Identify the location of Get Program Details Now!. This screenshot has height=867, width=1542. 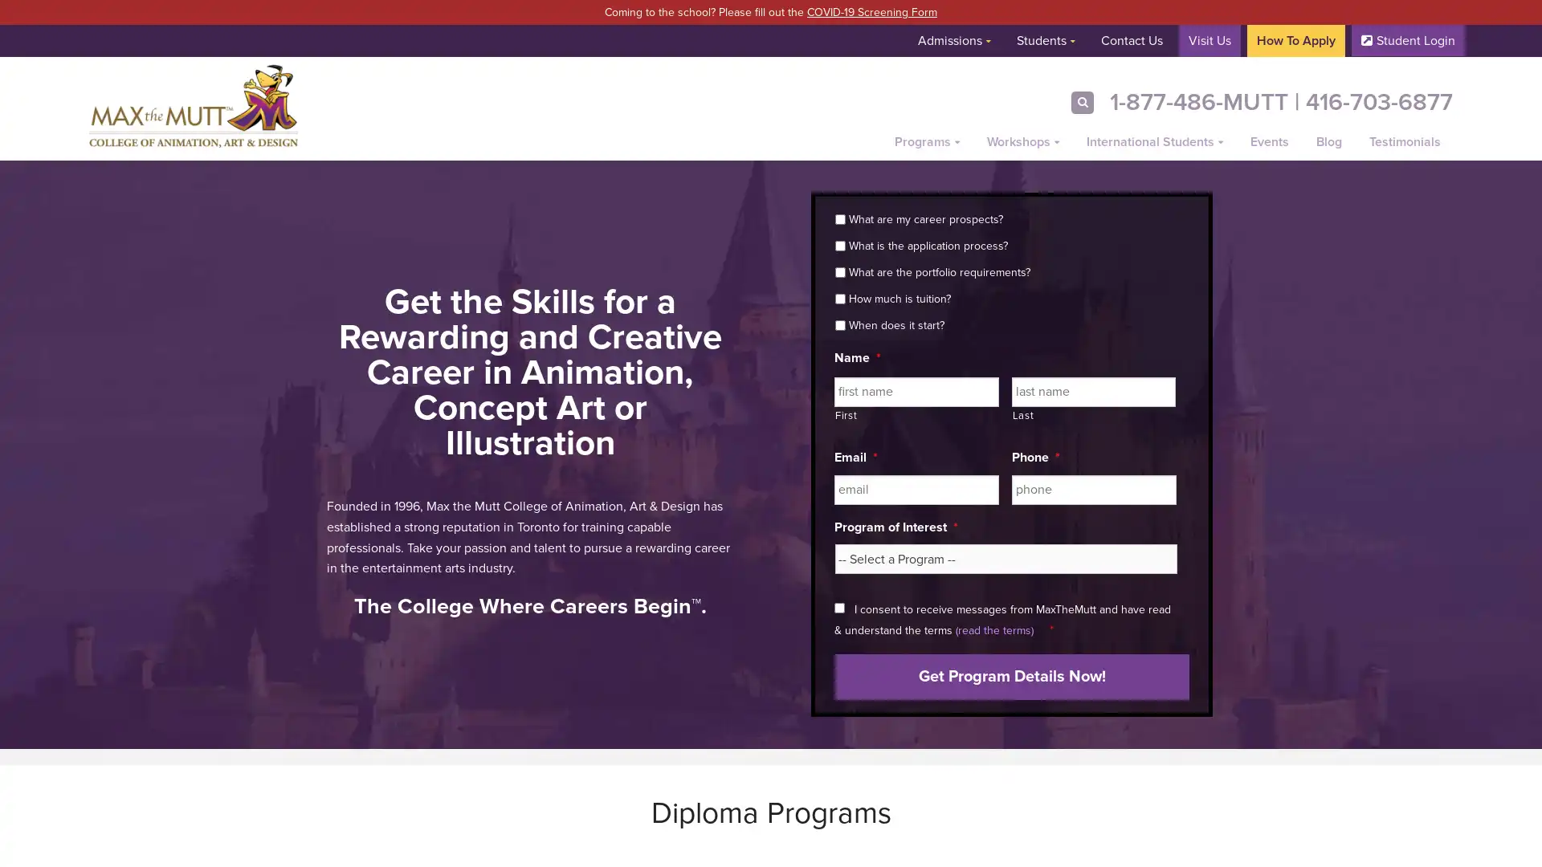
(1010, 682).